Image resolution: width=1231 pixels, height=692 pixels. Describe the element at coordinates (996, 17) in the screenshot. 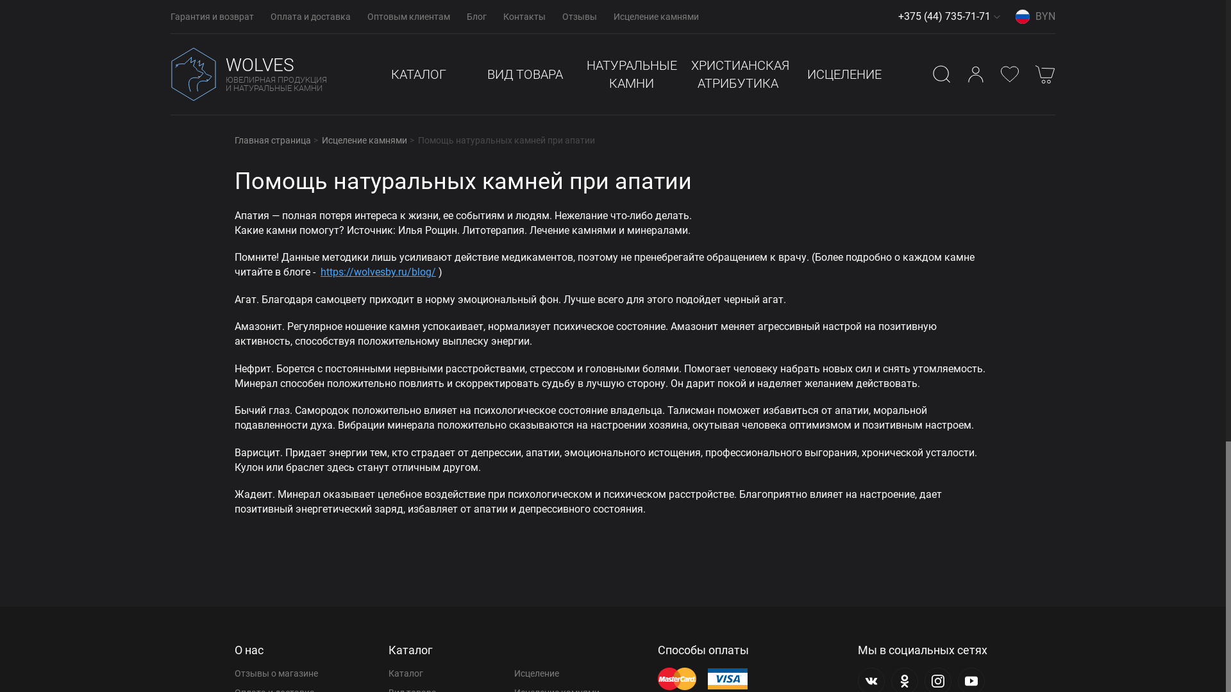

I see `'Show phones'` at that location.